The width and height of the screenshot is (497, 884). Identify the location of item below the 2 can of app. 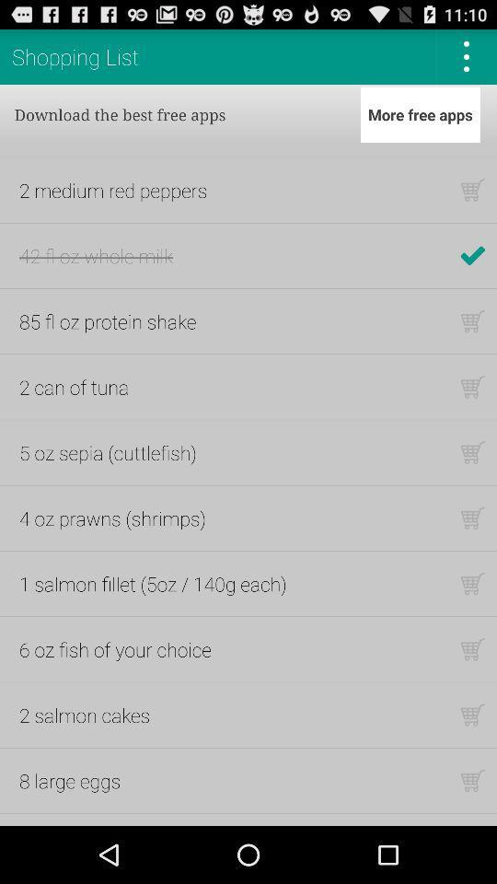
(108, 451).